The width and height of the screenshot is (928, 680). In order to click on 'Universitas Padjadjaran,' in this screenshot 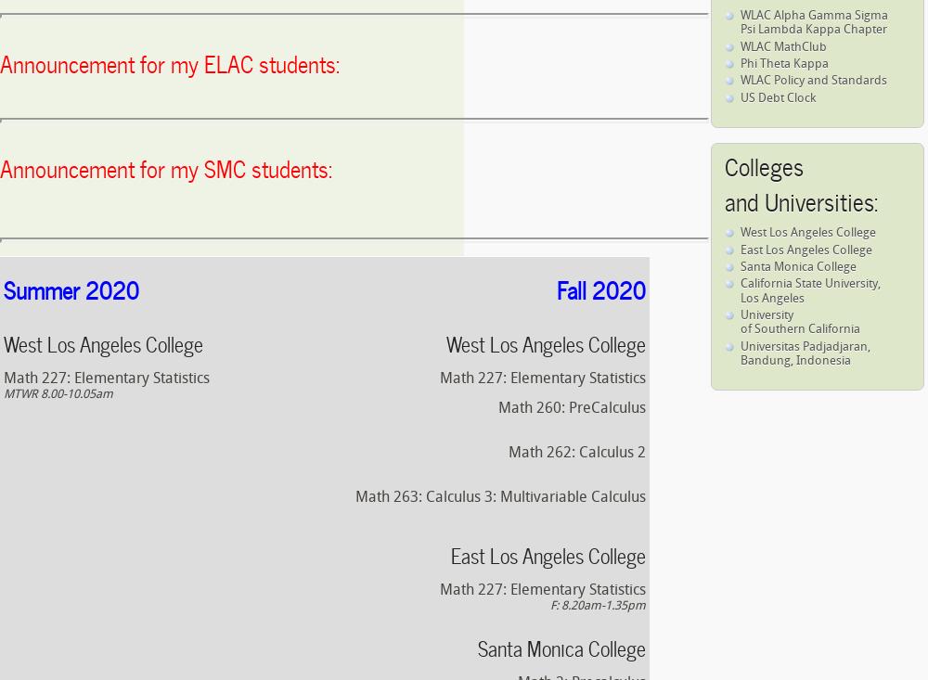, I will do `click(805, 346)`.